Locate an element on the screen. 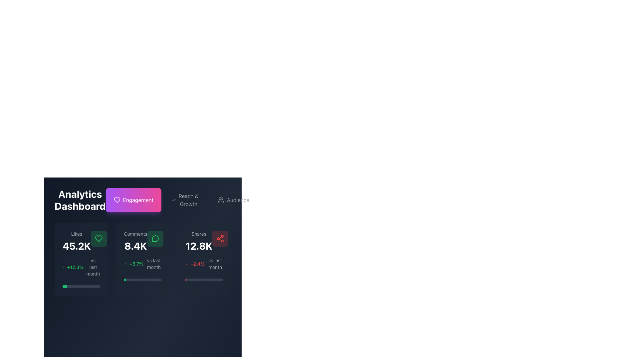  numerical count of shares displayed in the central text element located within the 'Shares' card on the dashboard is located at coordinates (198, 246).